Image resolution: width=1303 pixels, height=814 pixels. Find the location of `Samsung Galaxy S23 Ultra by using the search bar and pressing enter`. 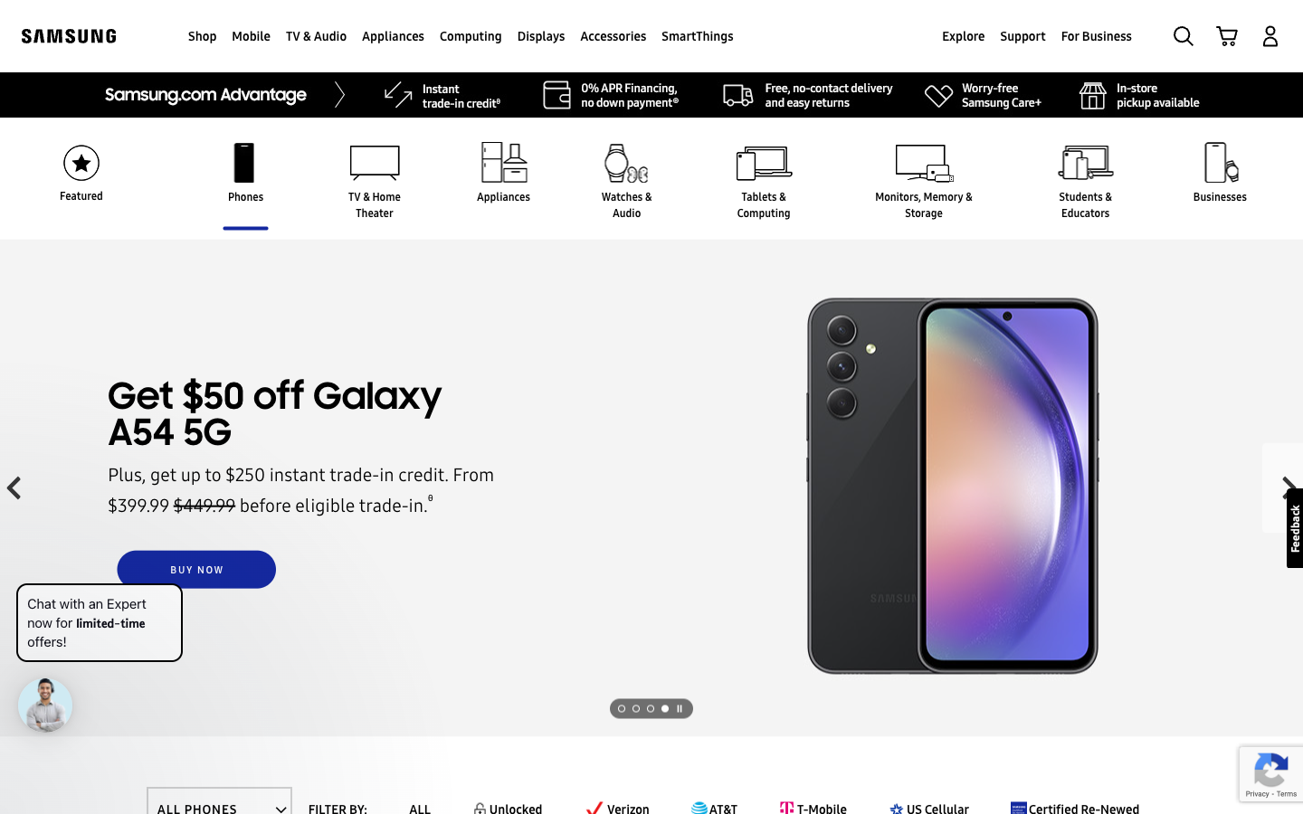

Samsung Galaxy S23 Ultra by using the search bar and pressing enter is located at coordinates (1183, 34).